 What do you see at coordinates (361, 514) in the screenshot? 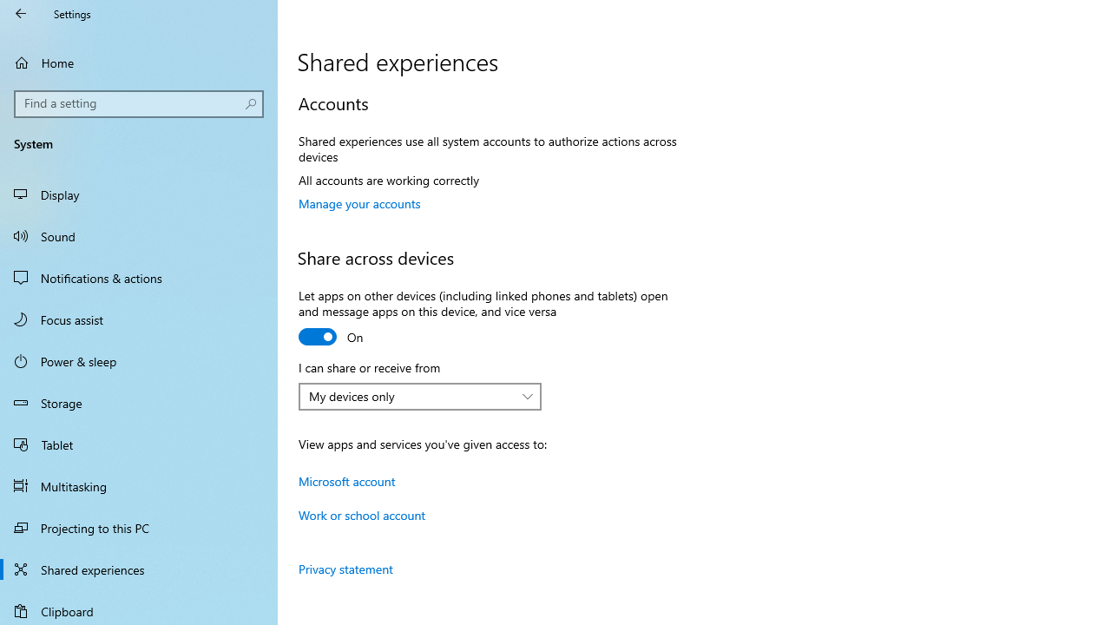
I see `'Work or school account'` at bounding box center [361, 514].